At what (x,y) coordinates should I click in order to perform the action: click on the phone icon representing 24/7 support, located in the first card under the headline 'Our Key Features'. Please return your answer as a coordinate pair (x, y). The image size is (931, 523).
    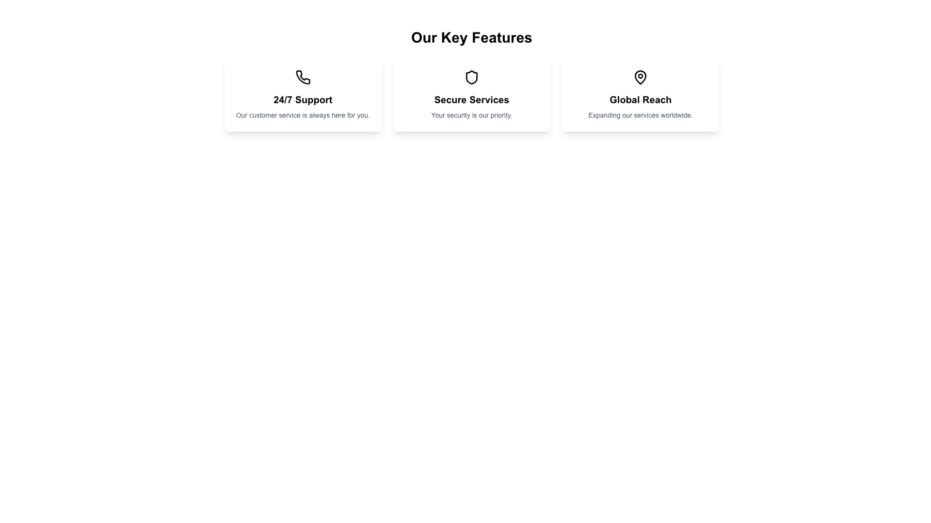
    Looking at the image, I should click on (302, 77).